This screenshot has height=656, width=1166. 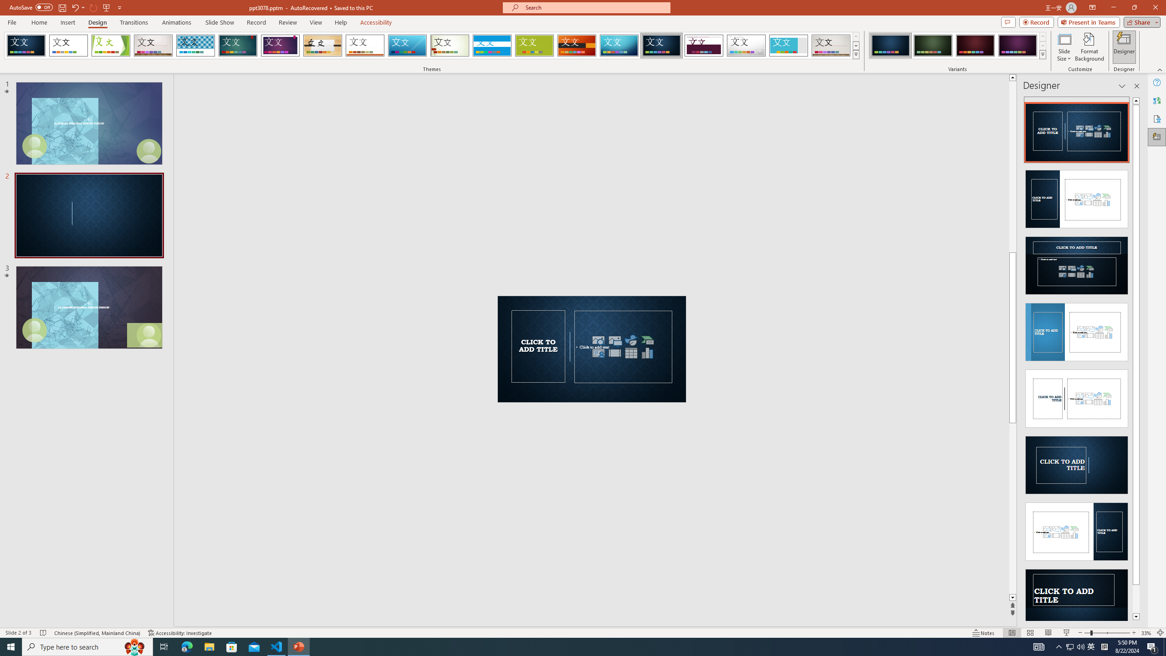 I want to click on 'Damask Variant 1', so click(x=890, y=45).